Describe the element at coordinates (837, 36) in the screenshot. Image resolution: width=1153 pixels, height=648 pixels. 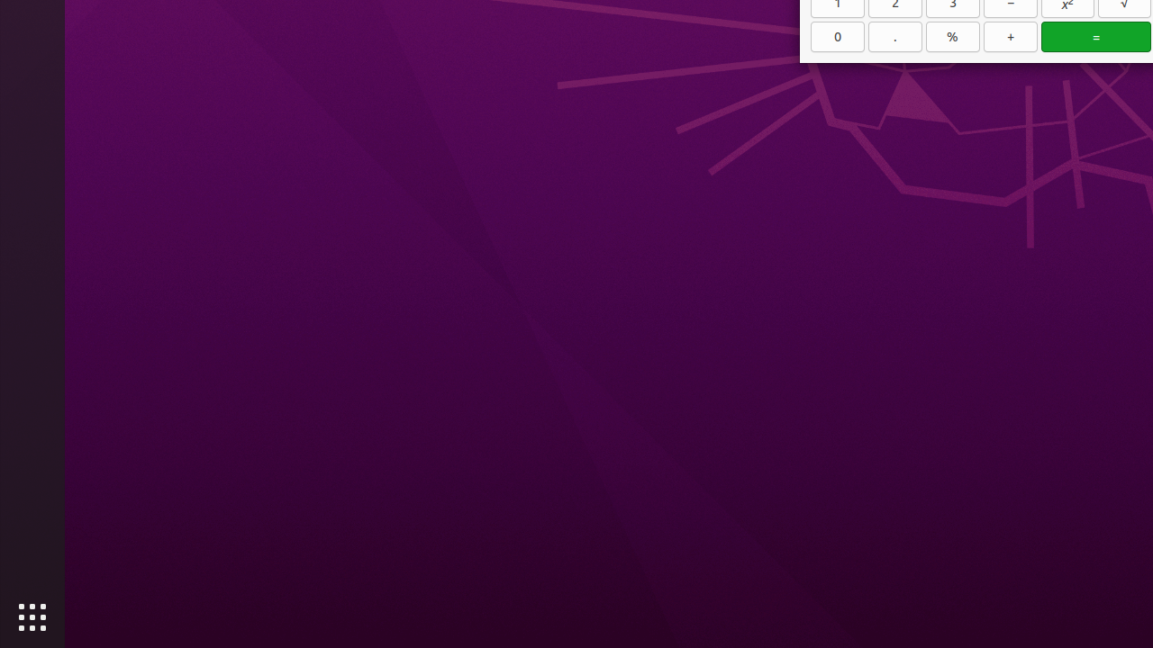
I see `'0'` at that location.